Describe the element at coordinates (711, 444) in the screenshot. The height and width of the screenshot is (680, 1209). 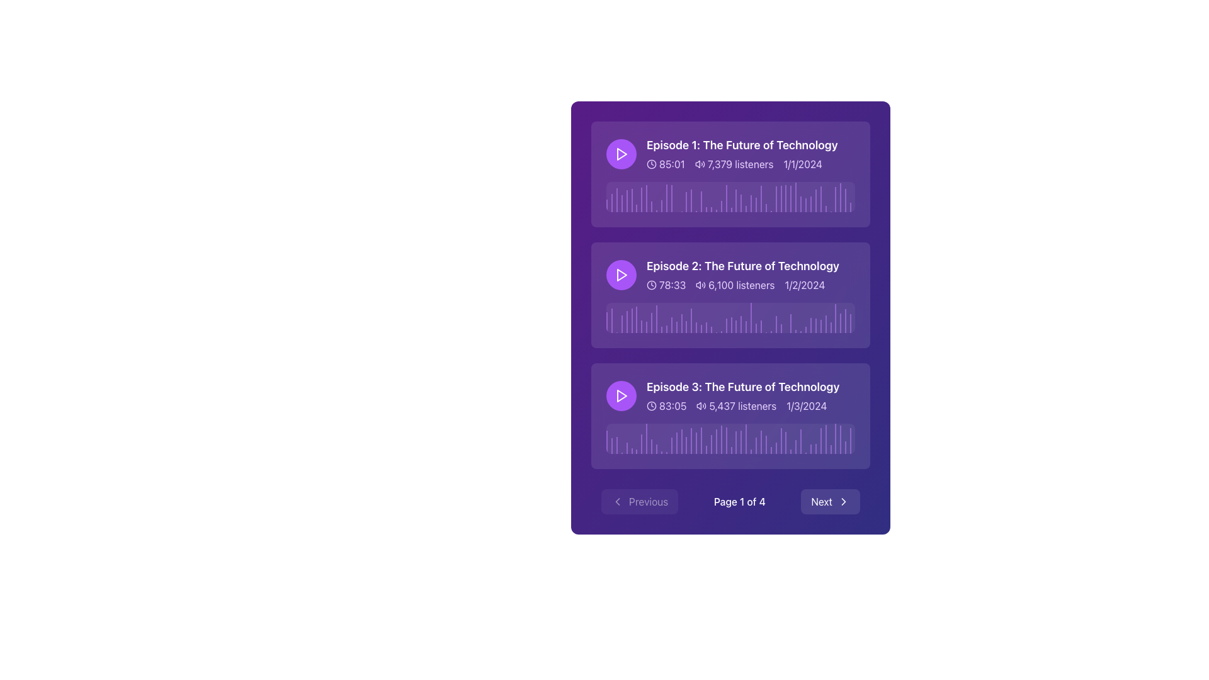
I see `the 22nd vertical progress bar with a purple hue located within the 'Episode 3: The Future of Technology' card` at that location.